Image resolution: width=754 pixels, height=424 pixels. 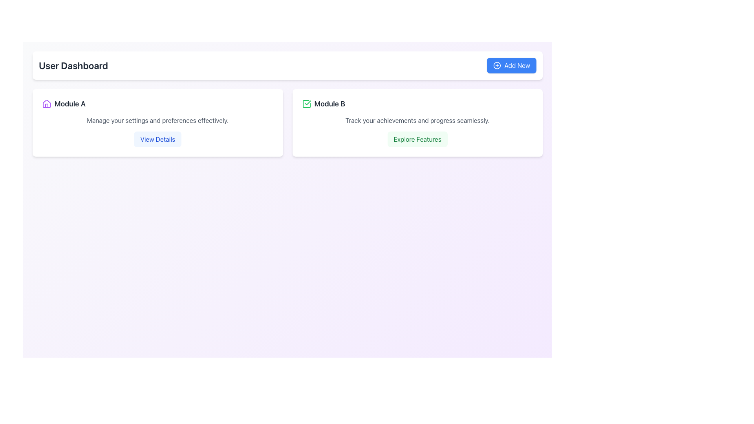 What do you see at coordinates (46, 103) in the screenshot?
I see `the house icon representing 'Module A' located in the header area of the card on the left side of the dashboard` at bounding box center [46, 103].